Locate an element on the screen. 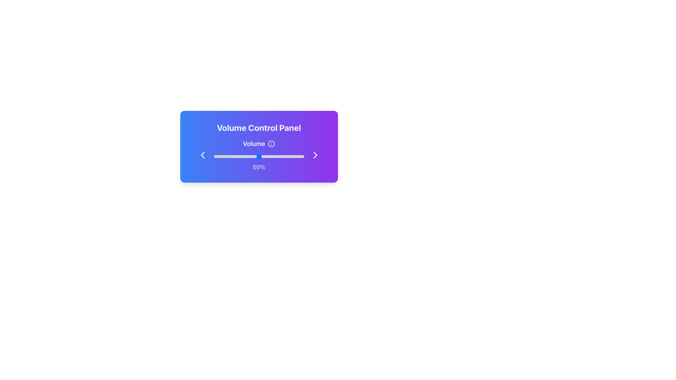 This screenshot has width=676, height=380. the interactive volume slider element, which is styled with a gradient from blue to purple and displays 'Volume' above and '50%' below is located at coordinates (258, 154).